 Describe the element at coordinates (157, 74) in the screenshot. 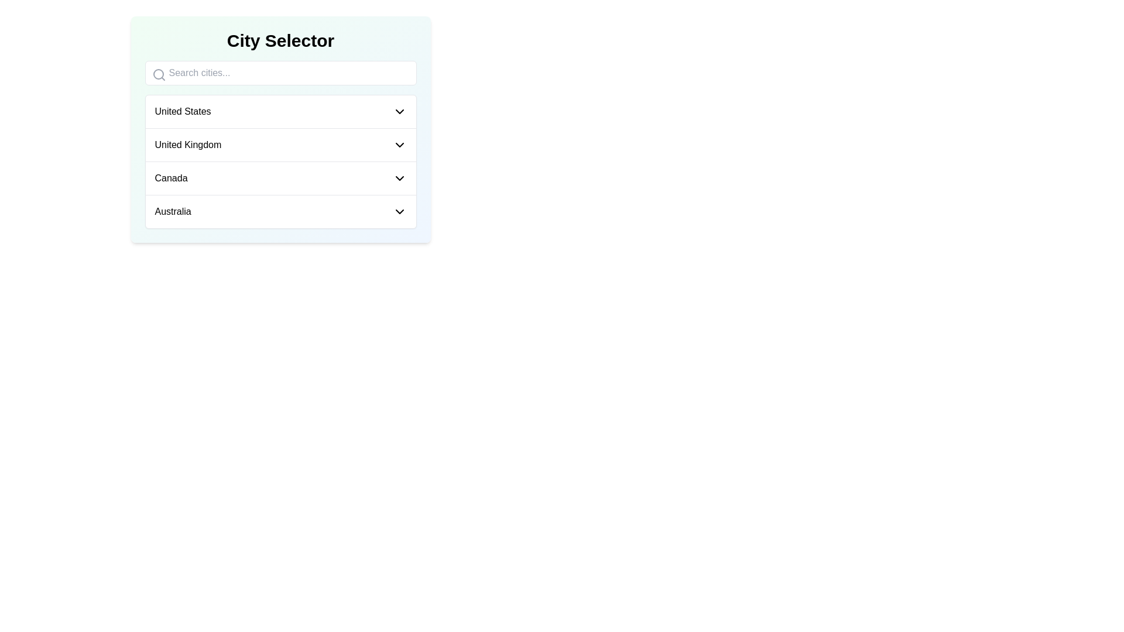

I see `the magnifying glass icon located on the left side of the 'Search cities...' input field` at that location.